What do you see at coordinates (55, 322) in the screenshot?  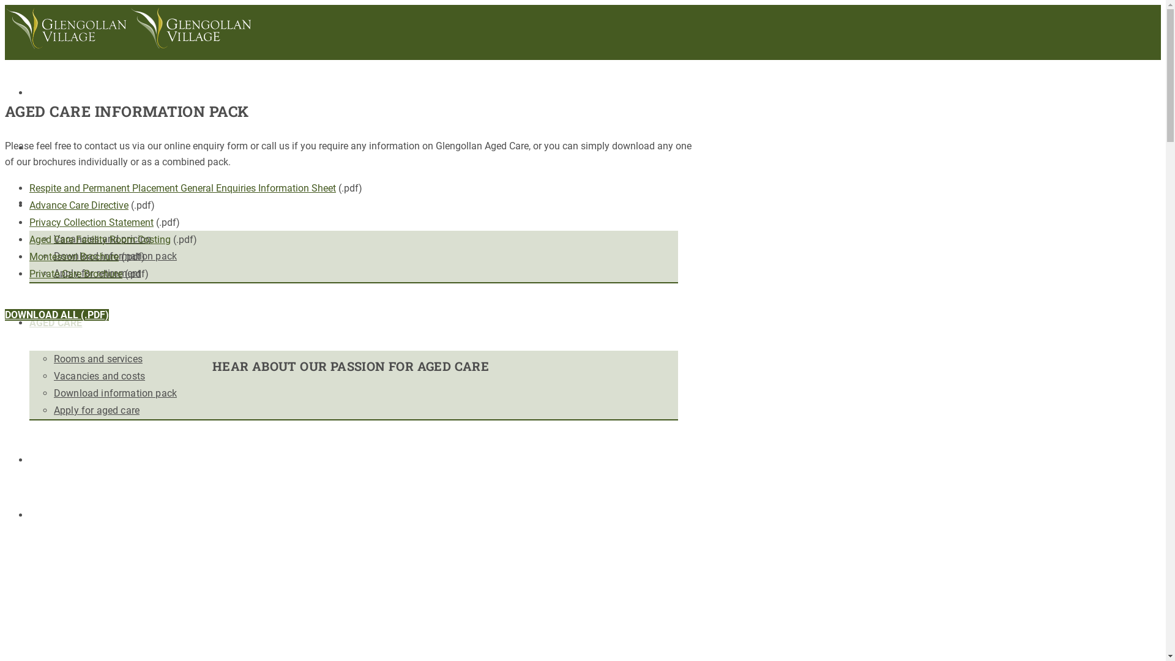 I see `'AGED CARE'` at bounding box center [55, 322].